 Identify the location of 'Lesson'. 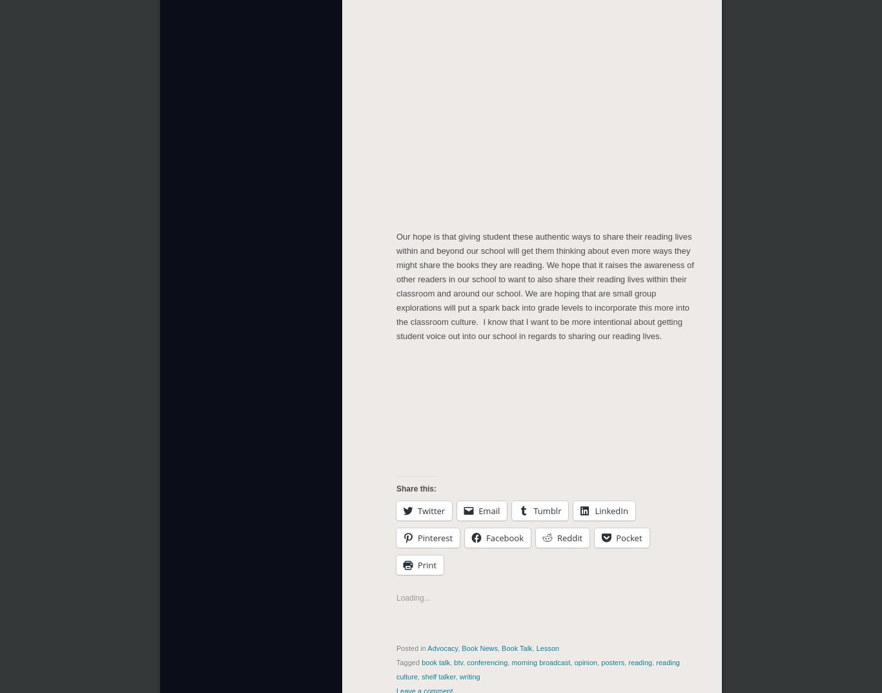
(547, 647).